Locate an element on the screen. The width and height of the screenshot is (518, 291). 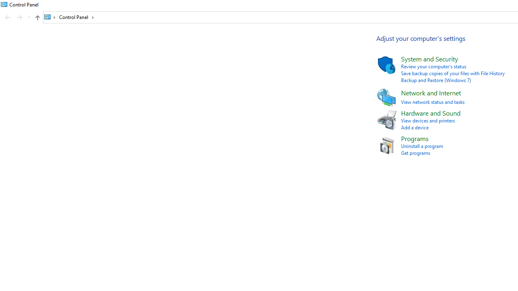
'System and Security' is located at coordinates (429, 58).